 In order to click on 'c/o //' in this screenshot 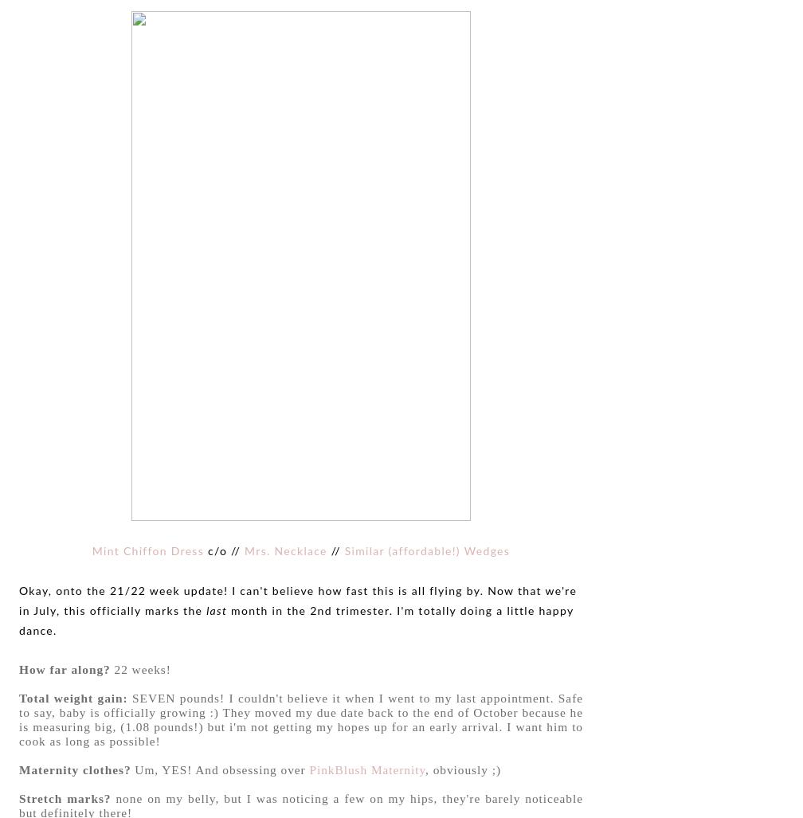, I will do `click(224, 550)`.